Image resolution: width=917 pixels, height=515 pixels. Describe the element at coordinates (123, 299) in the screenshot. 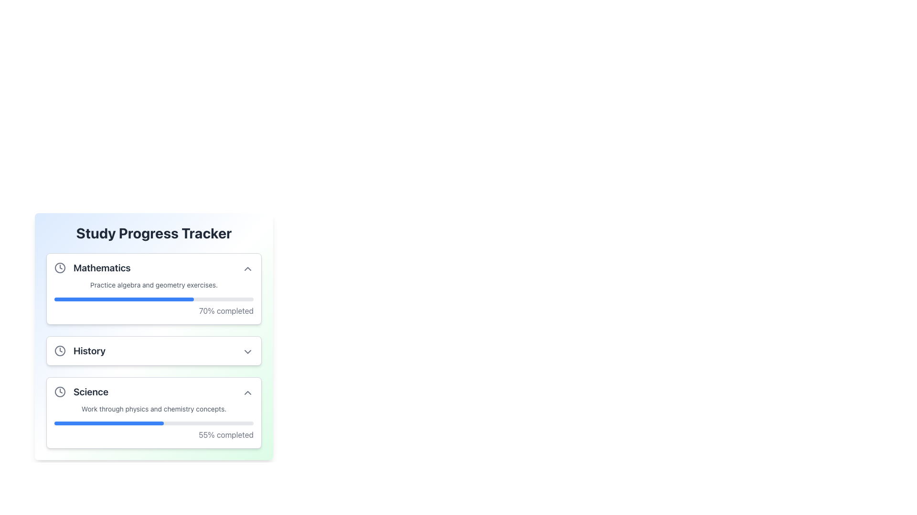

I see `the blue-filled segment of the progress bar located in the 'Mathematics' section of the Study Progress Tracker interface for potential interactivity` at that location.